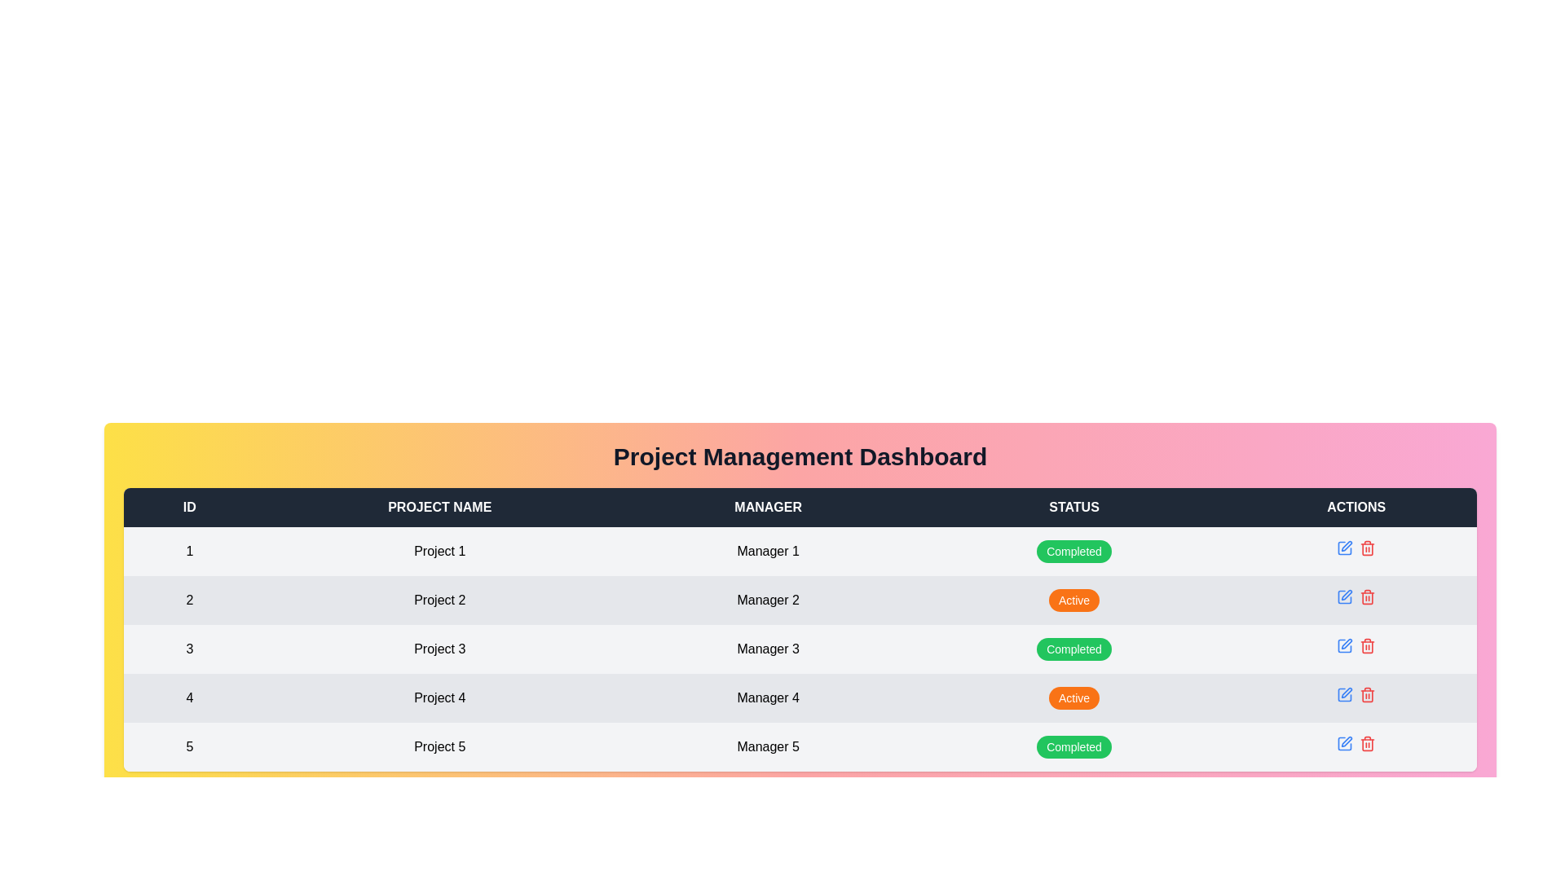 The image size is (1565, 880). Describe the element at coordinates (1074, 697) in the screenshot. I see `the 'Active' button with a vibrant orange background in the STATUS column of the fourth row in the project management dashboard` at that location.